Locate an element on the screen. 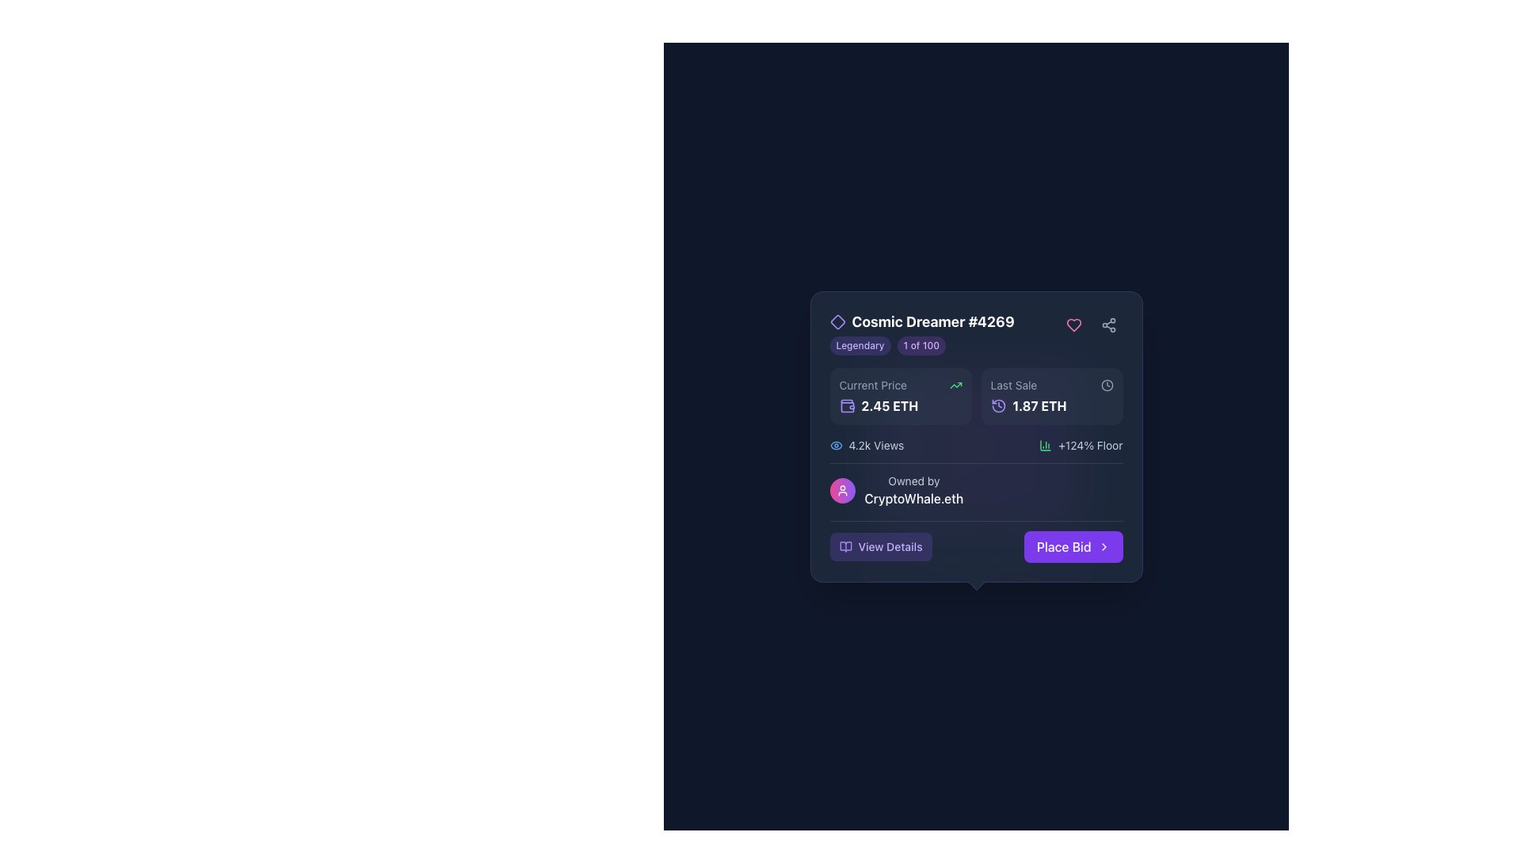 This screenshot has width=1521, height=855. displayed information from the 'Last Sale' informational card, which features a dark rounded rectangle with 'Last Sale' in light gray and '1.87 ETH' in bold white, located in the top-right section of the grid is located at coordinates (1052, 396).